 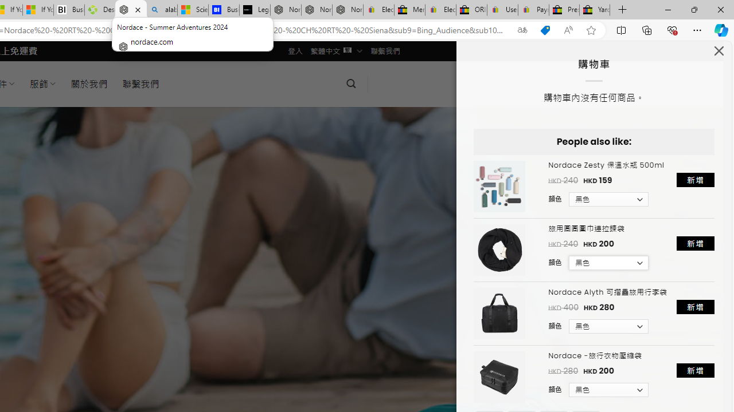 What do you see at coordinates (440, 10) in the screenshot?
I see `'Electronics, Cars, Fashion, Collectibles & More | eBay'` at bounding box center [440, 10].